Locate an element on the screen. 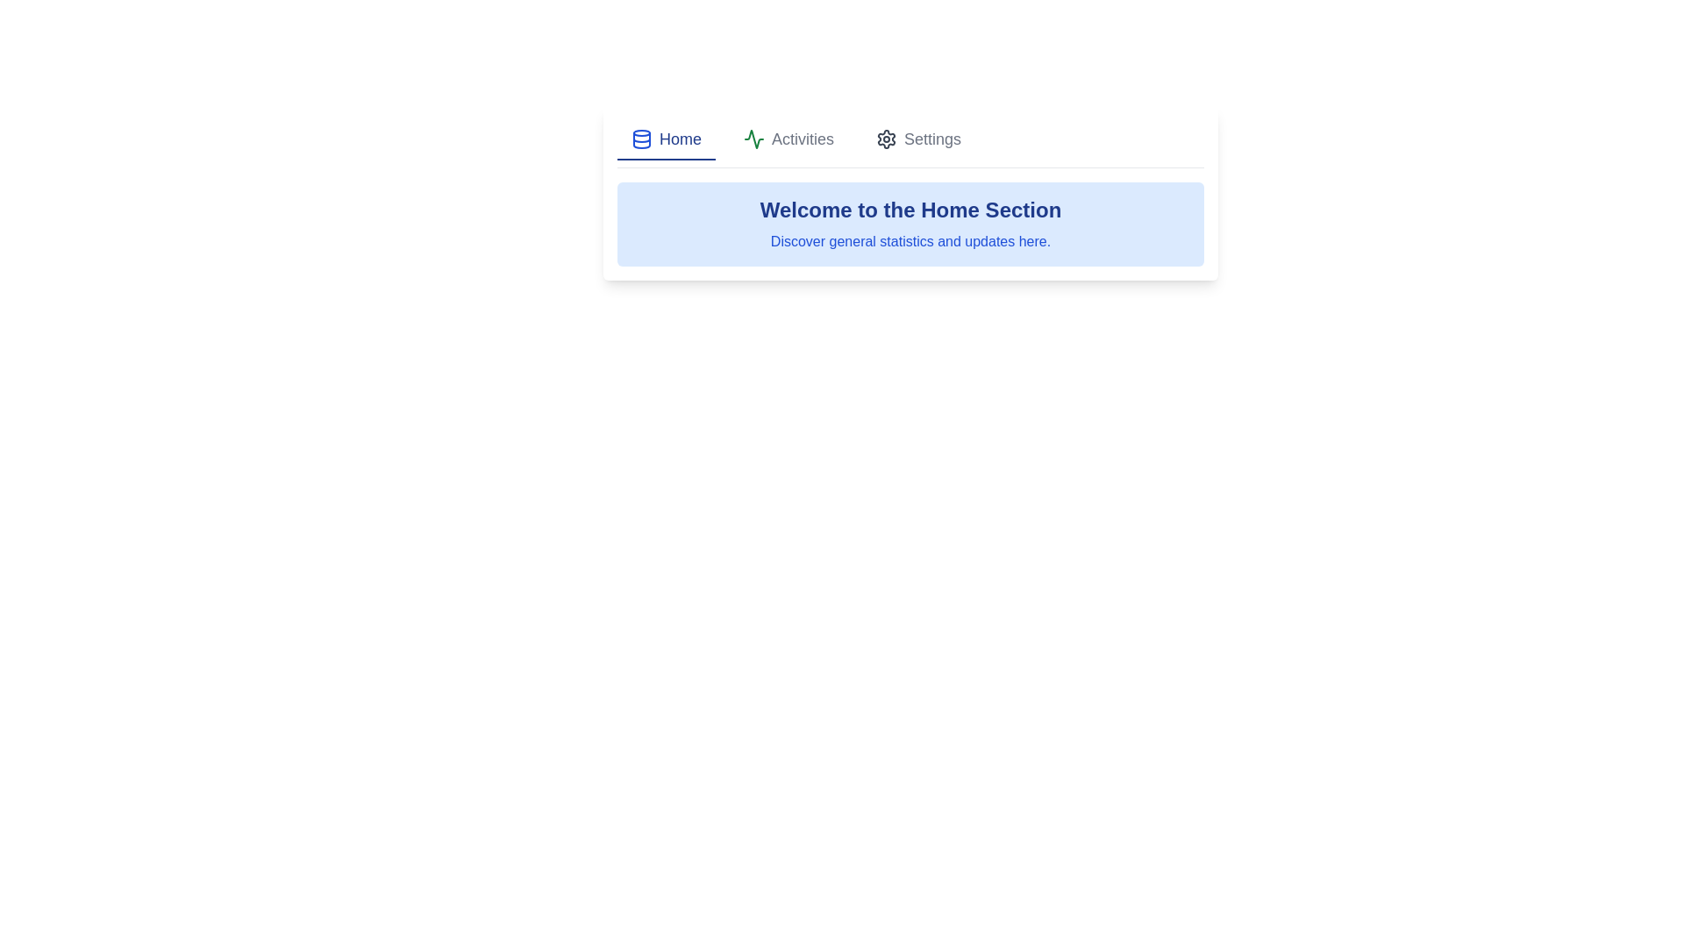  the Activities tab by clicking on its corresponding button is located at coordinates (787, 139).